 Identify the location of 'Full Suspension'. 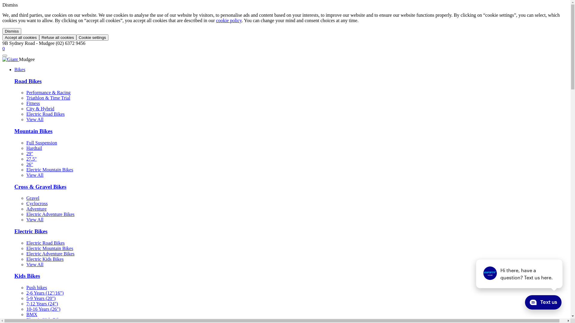
(41, 143).